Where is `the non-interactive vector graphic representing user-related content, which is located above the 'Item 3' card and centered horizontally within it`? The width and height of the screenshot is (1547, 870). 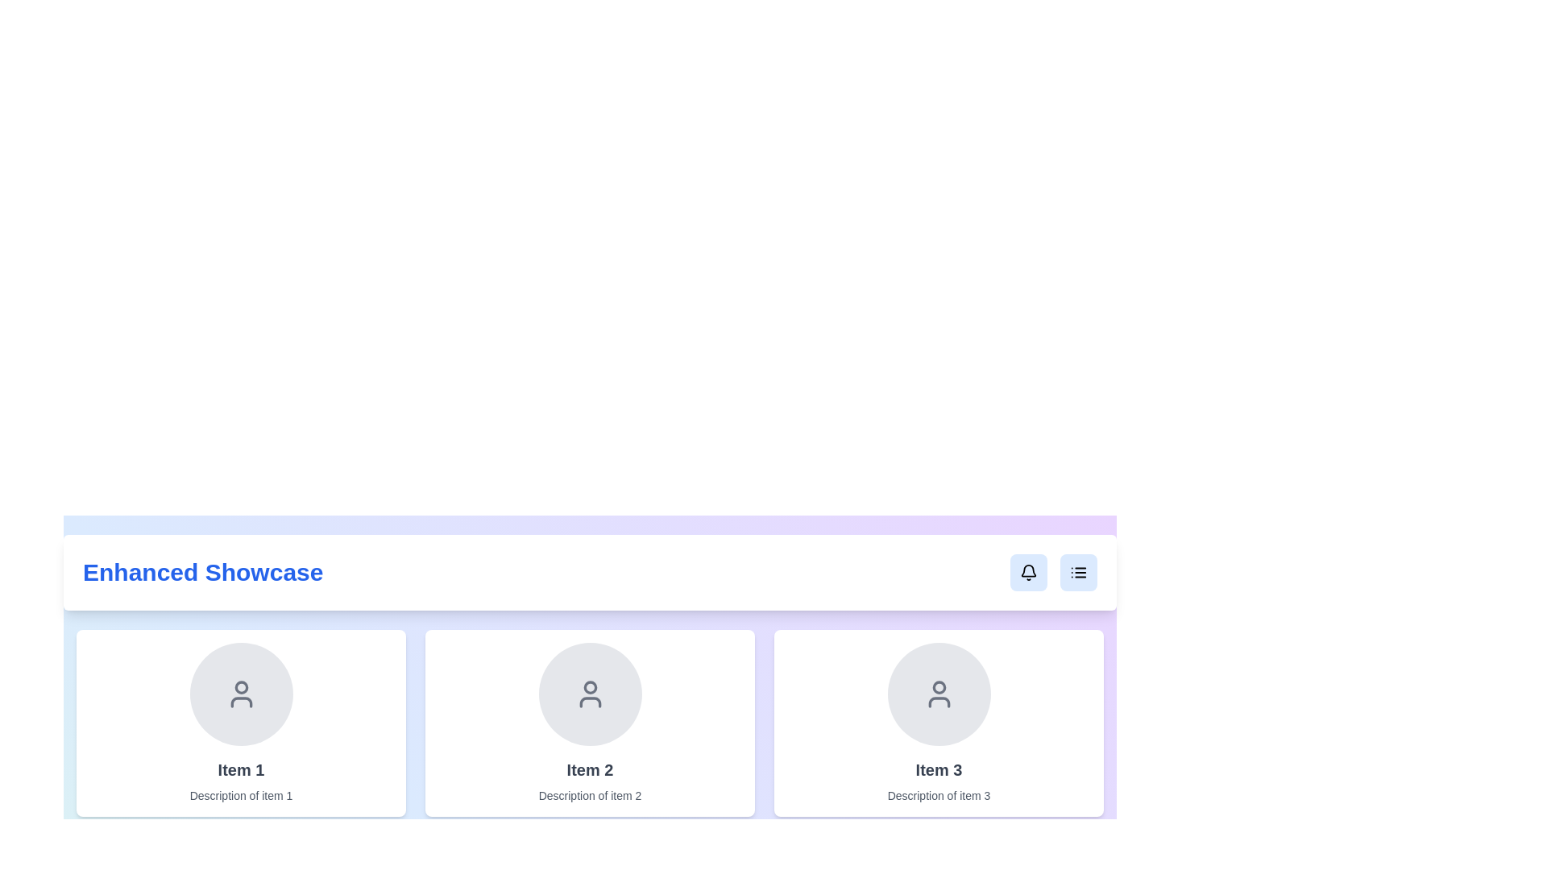 the non-interactive vector graphic representing user-related content, which is located above the 'Item 3' card and centered horizontally within it is located at coordinates (939, 701).